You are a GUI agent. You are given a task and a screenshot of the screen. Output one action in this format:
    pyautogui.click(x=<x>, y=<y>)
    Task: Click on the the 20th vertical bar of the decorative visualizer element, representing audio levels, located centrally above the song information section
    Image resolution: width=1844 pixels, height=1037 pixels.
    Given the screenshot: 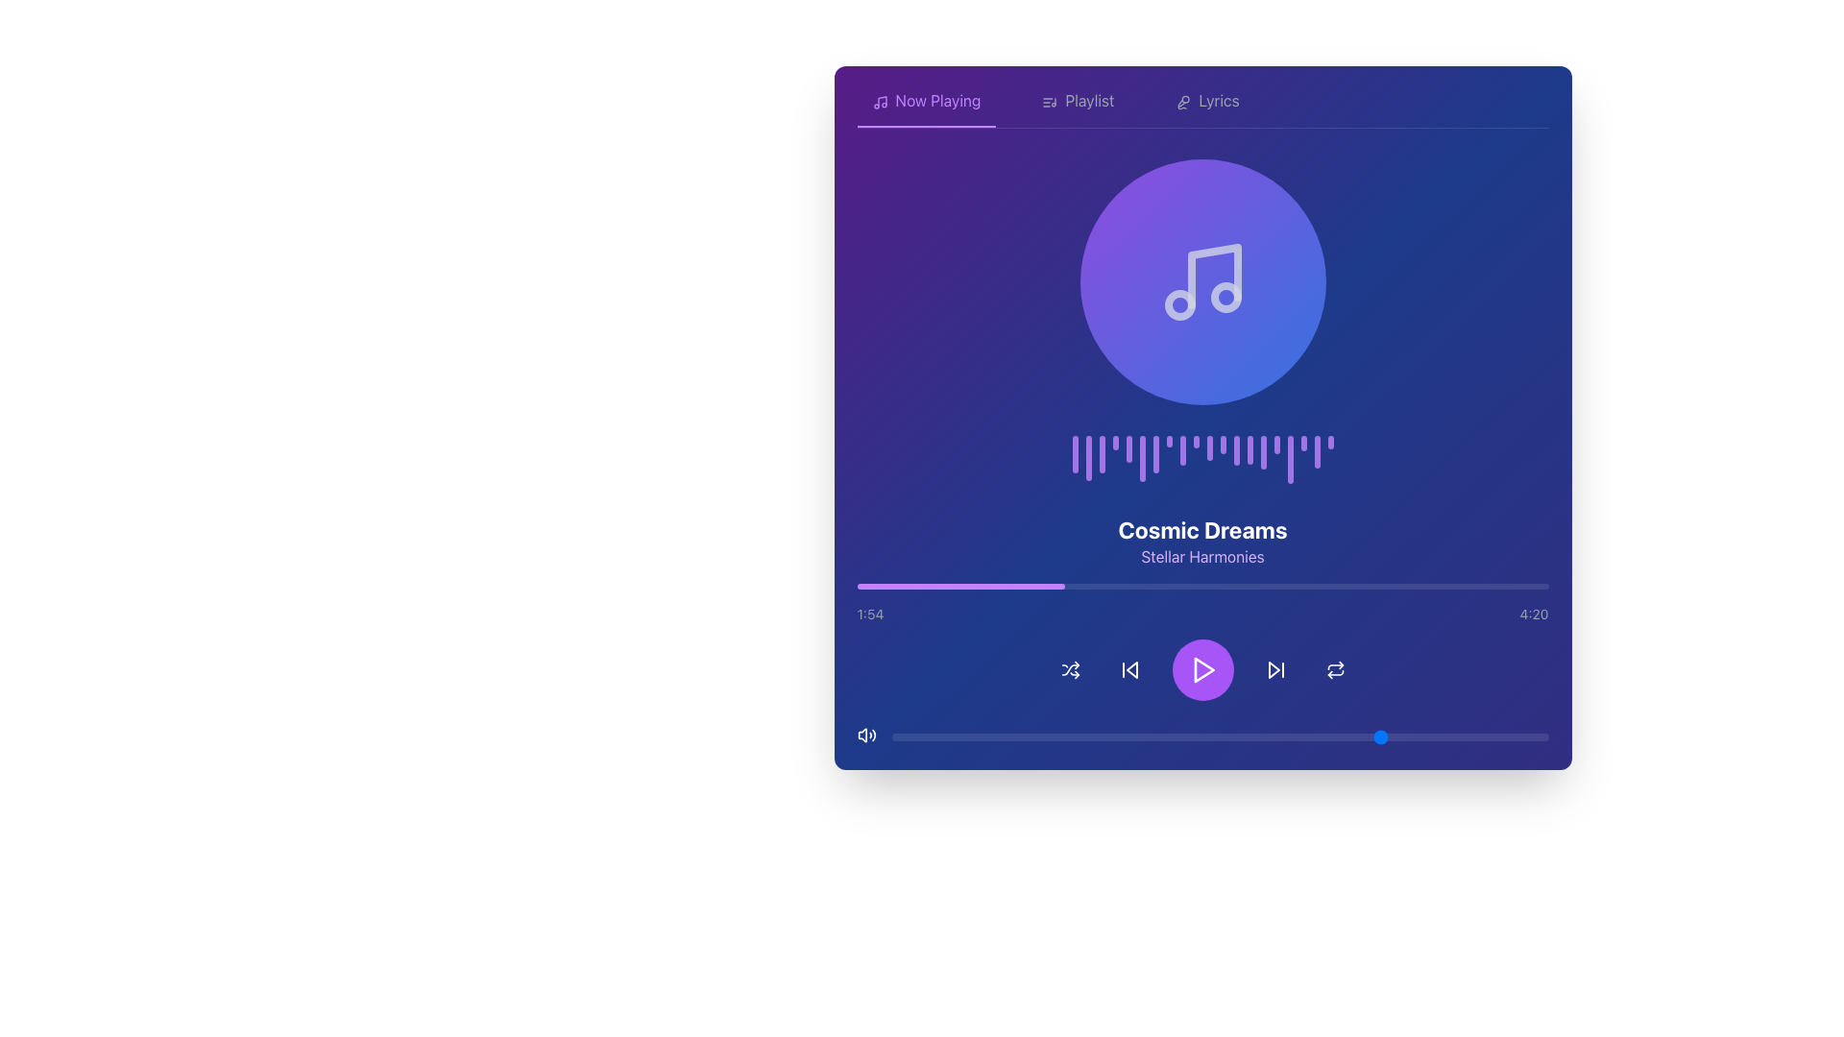 What is the action you would take?
    pyautogui.click(x=1329, y=443)
    